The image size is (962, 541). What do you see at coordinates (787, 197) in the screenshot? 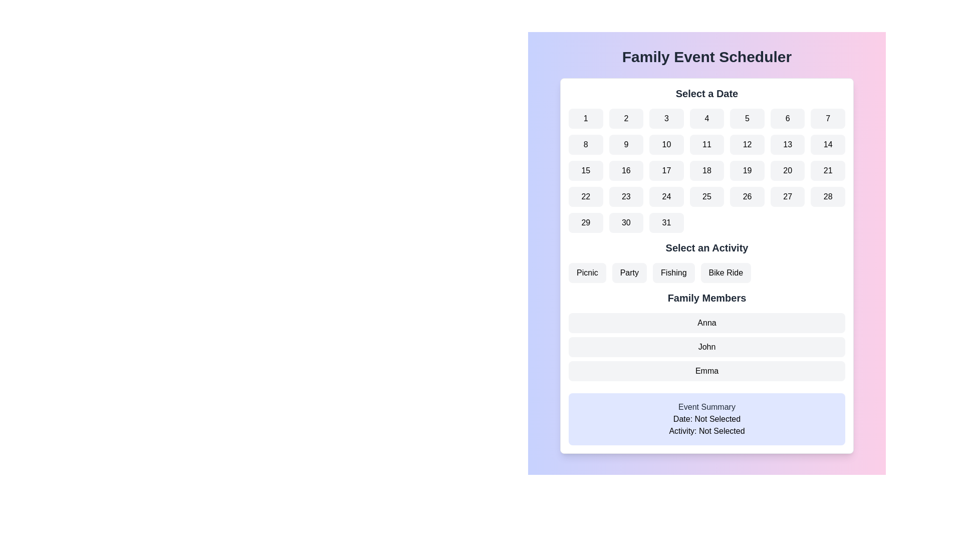
I see `the button displaying the number '27', which is located in the fourth row and sixth column of the grid layout under the 'Select a Date' title` at bounding box center [787, 197].